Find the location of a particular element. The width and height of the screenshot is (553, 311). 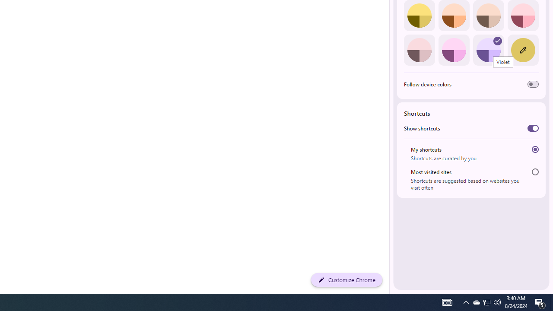

'Most visited sites' is located at coordinates (535, 172).